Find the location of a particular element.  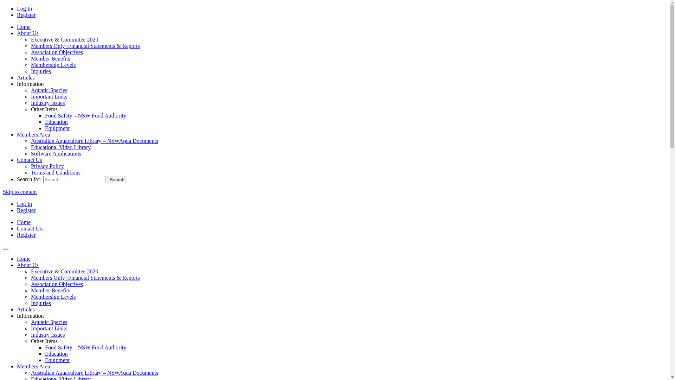

'Important Links' is located at coordinates (49, 96).